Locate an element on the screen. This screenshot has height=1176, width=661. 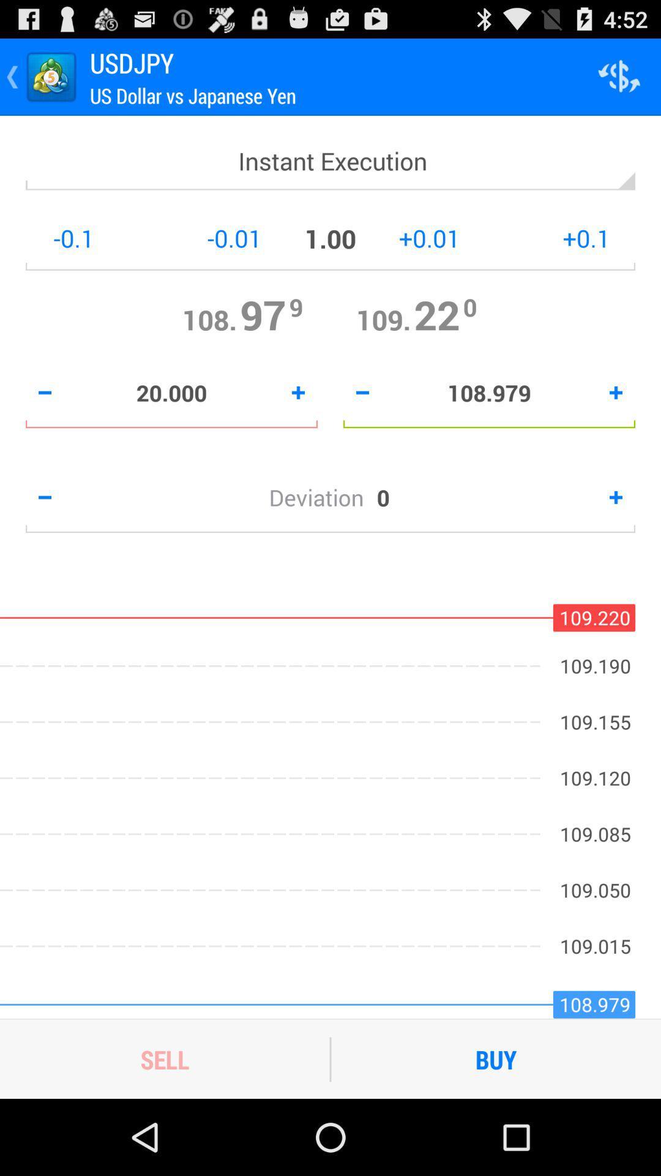
108.979 is located at coordinates (488, 393).